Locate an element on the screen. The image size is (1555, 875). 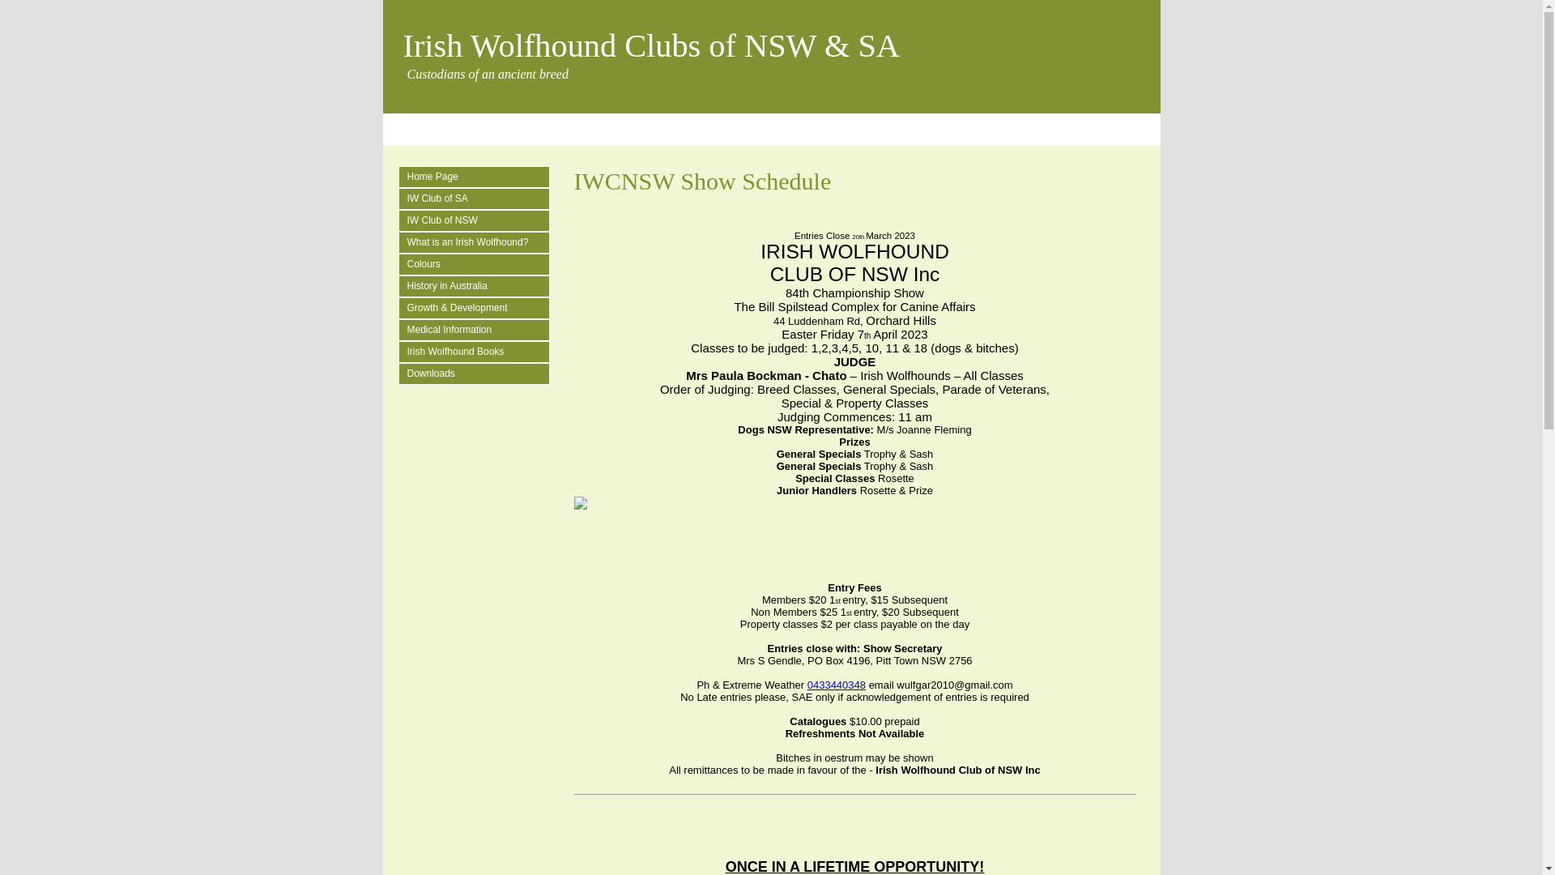
'IW Club of NSW' is located at coordinates (476, 220).